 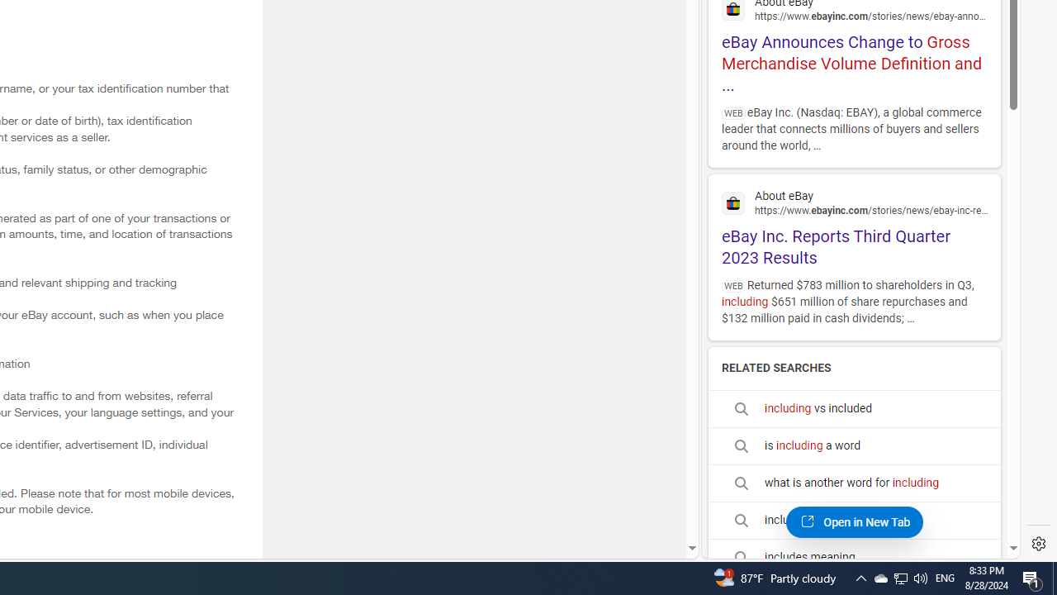 I want to click on 'including vs included', so click(x=854, y=408).